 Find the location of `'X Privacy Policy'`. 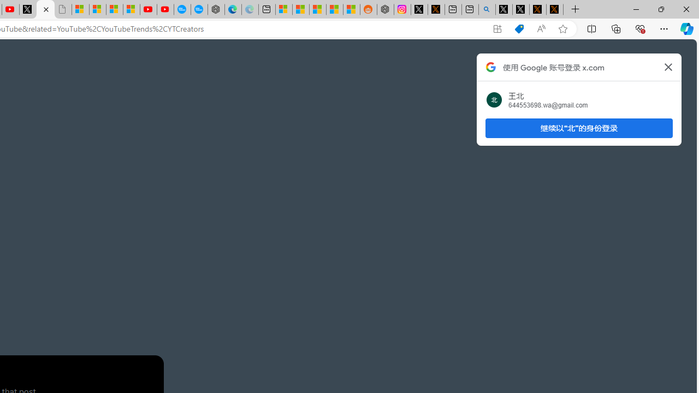

'X Privacy Policy' is located at coordinates (554, 9).